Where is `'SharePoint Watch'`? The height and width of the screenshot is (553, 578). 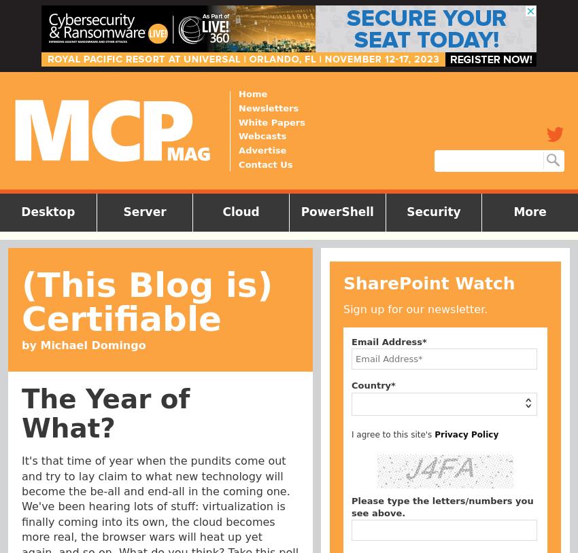 'SharePoint Watch' is located at coordinates (428, 282).